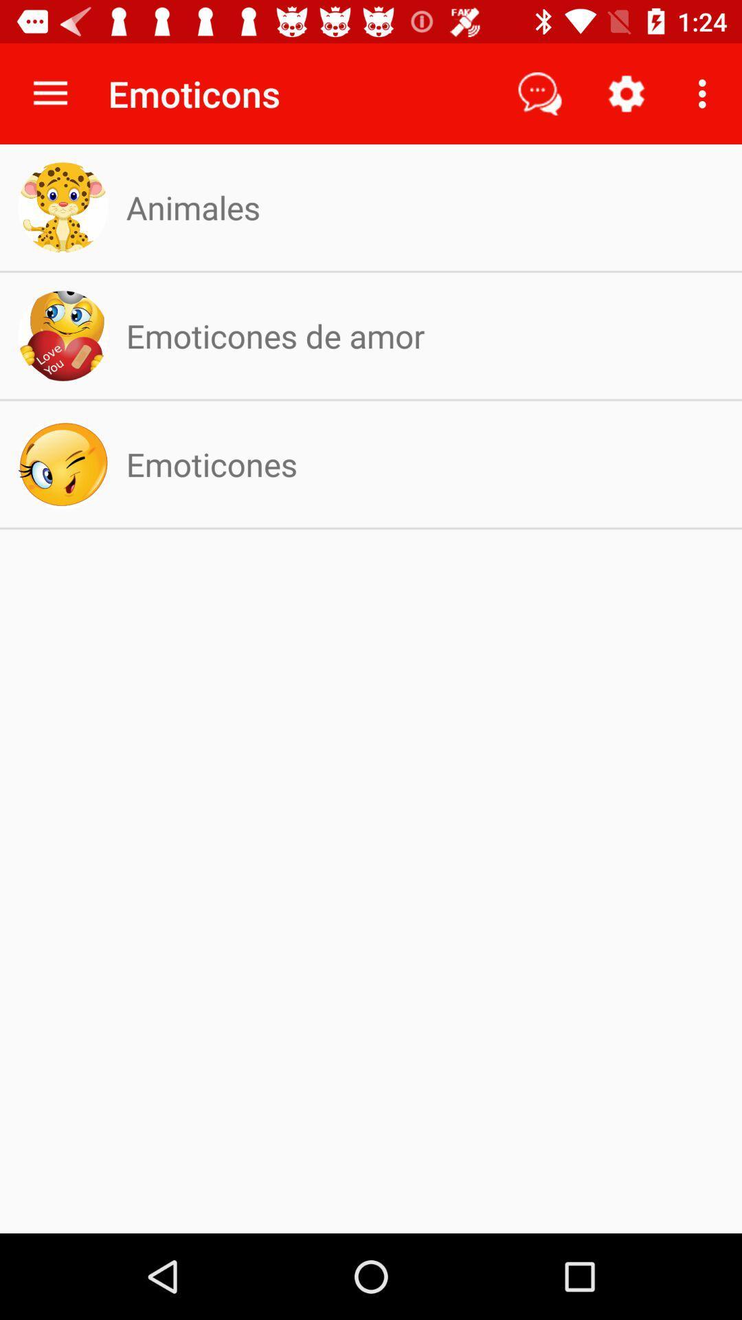  Describe the element at coordinates (193, 206) in the screenshot. I see `animales item` at that location.